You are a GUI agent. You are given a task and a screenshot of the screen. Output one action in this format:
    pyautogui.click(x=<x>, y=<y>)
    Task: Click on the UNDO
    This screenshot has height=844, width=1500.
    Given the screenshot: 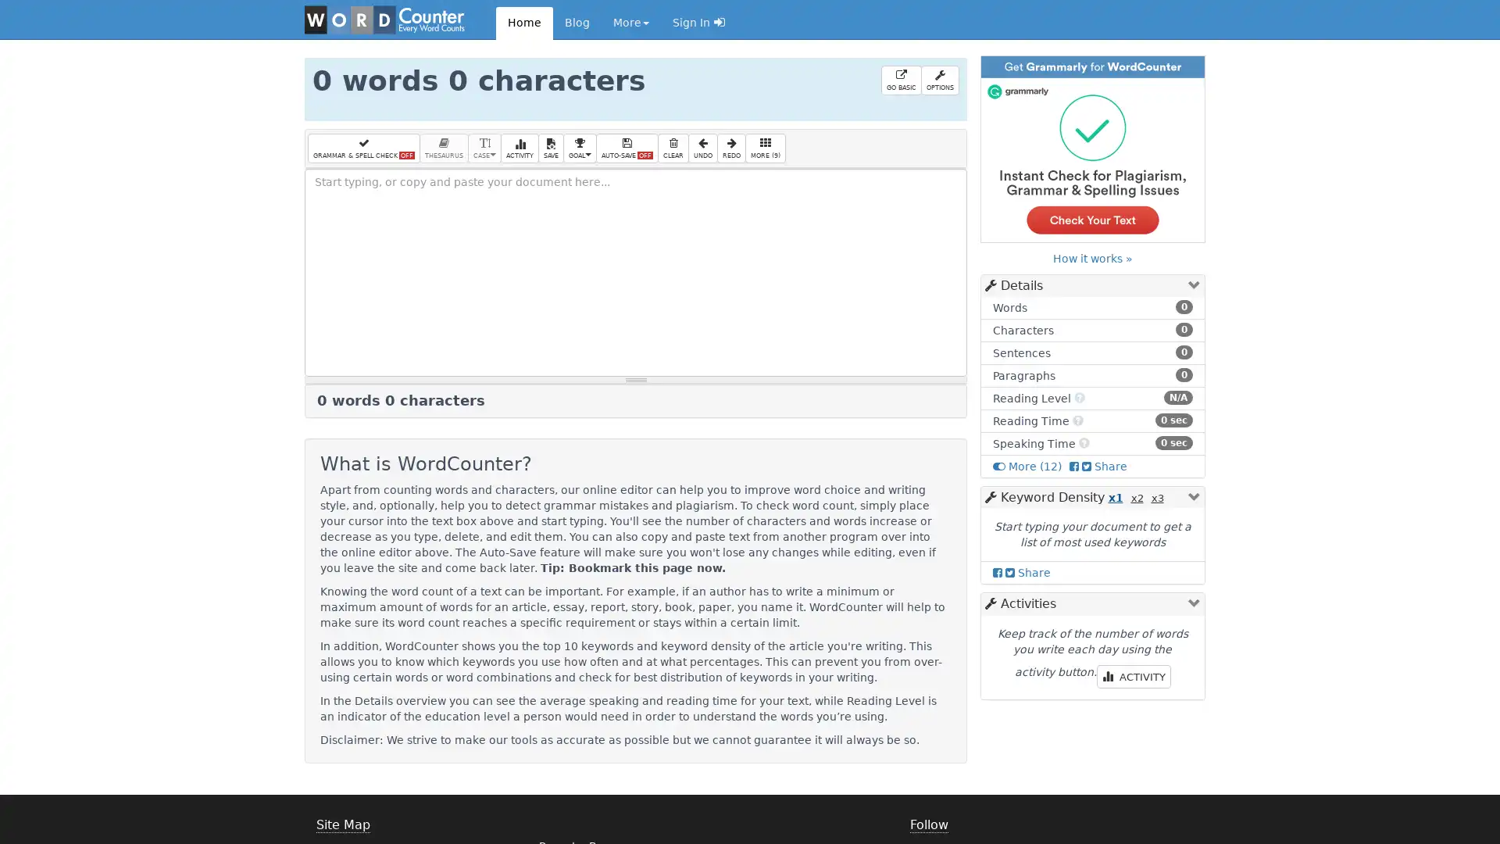 What is the action you would take?
    pyautogui.click(x=702, y=148)
    